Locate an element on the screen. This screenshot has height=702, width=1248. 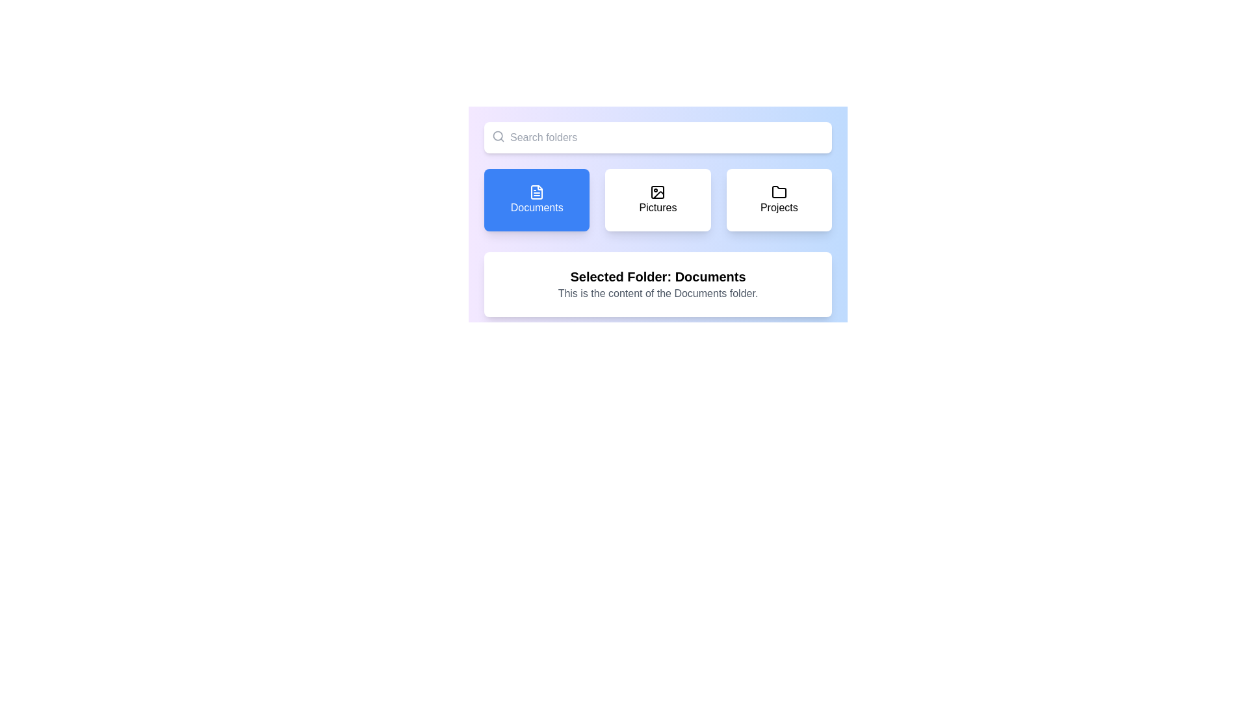
label indicating the purpose of the 'Documents' button, located at the bottom-center of the blue rectangular button in the top-left corner of the interface is located at coordinates (537, 207).